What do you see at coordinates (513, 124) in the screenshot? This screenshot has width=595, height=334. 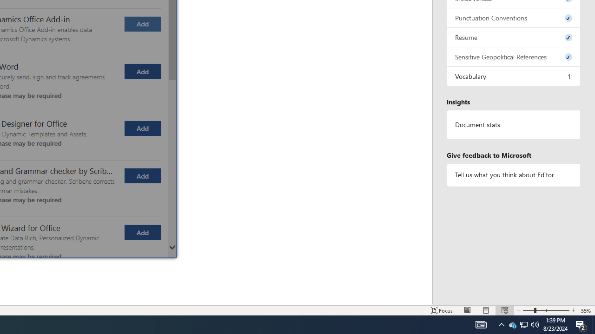 I see `'Document statistics'` at bounding box center [513, 124].